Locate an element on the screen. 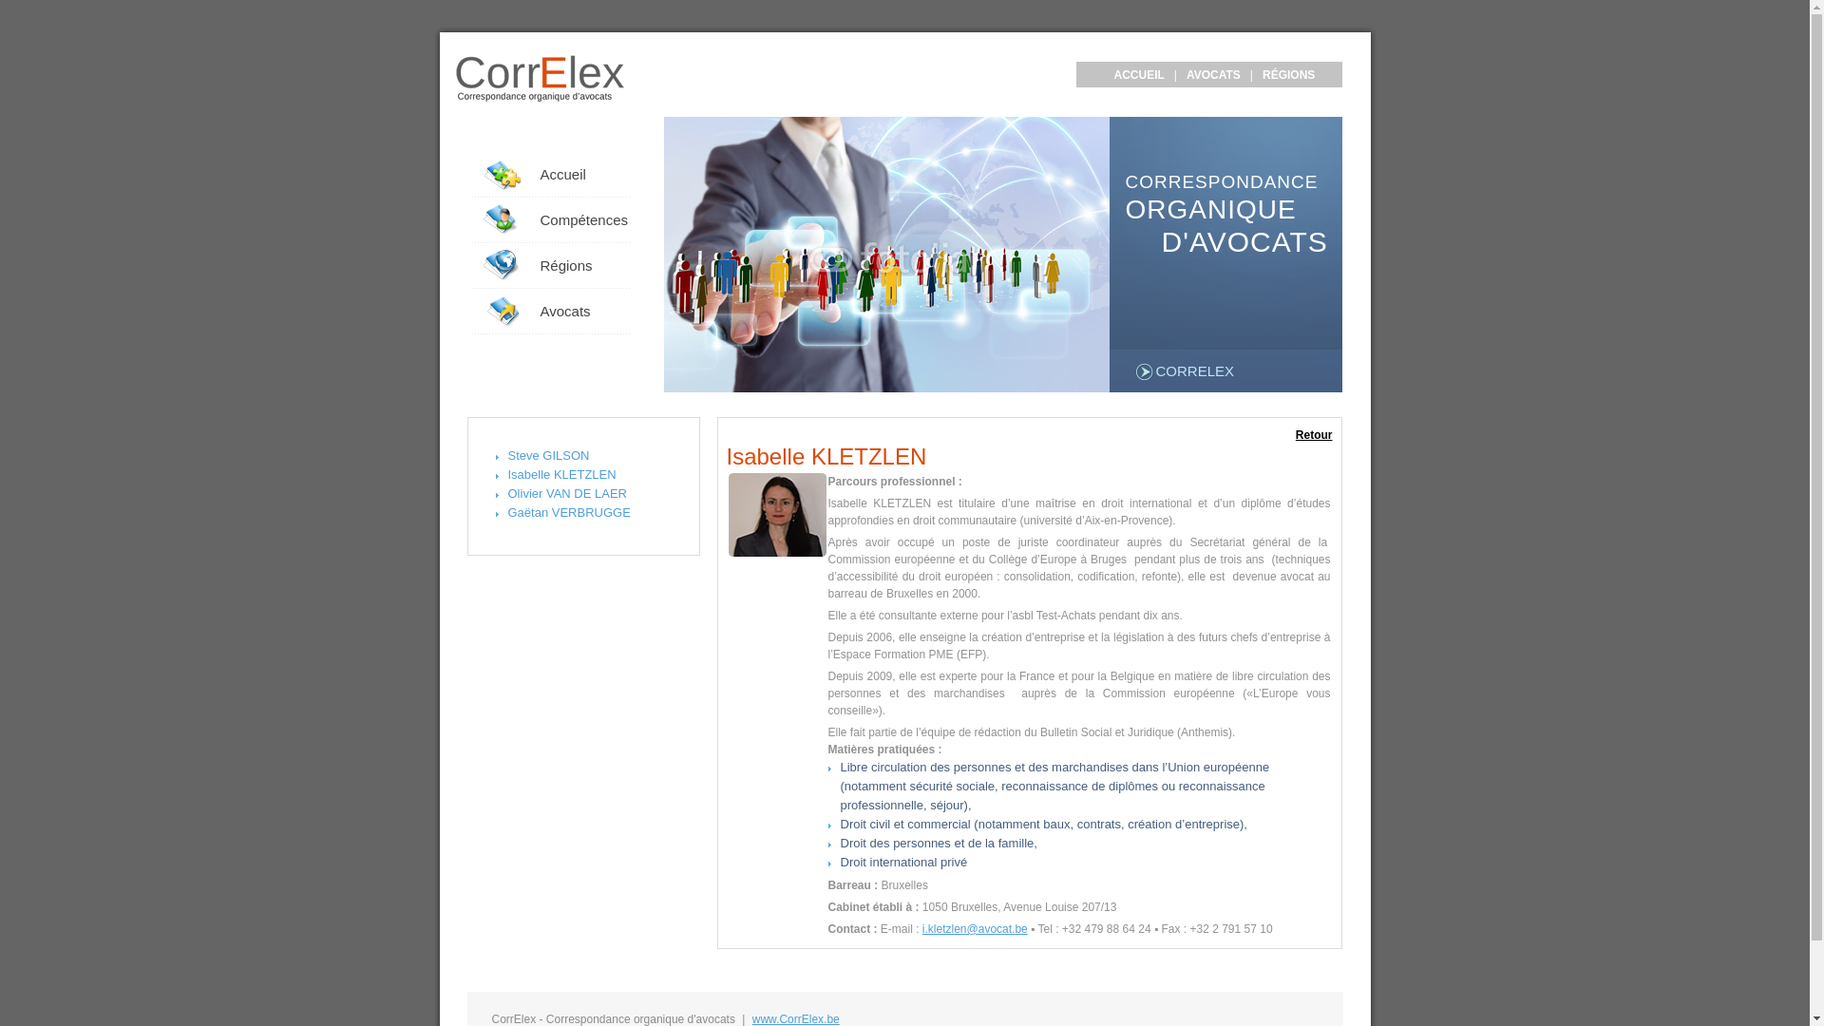  'ACCUEIL' is located at coordinates (1138, 73).